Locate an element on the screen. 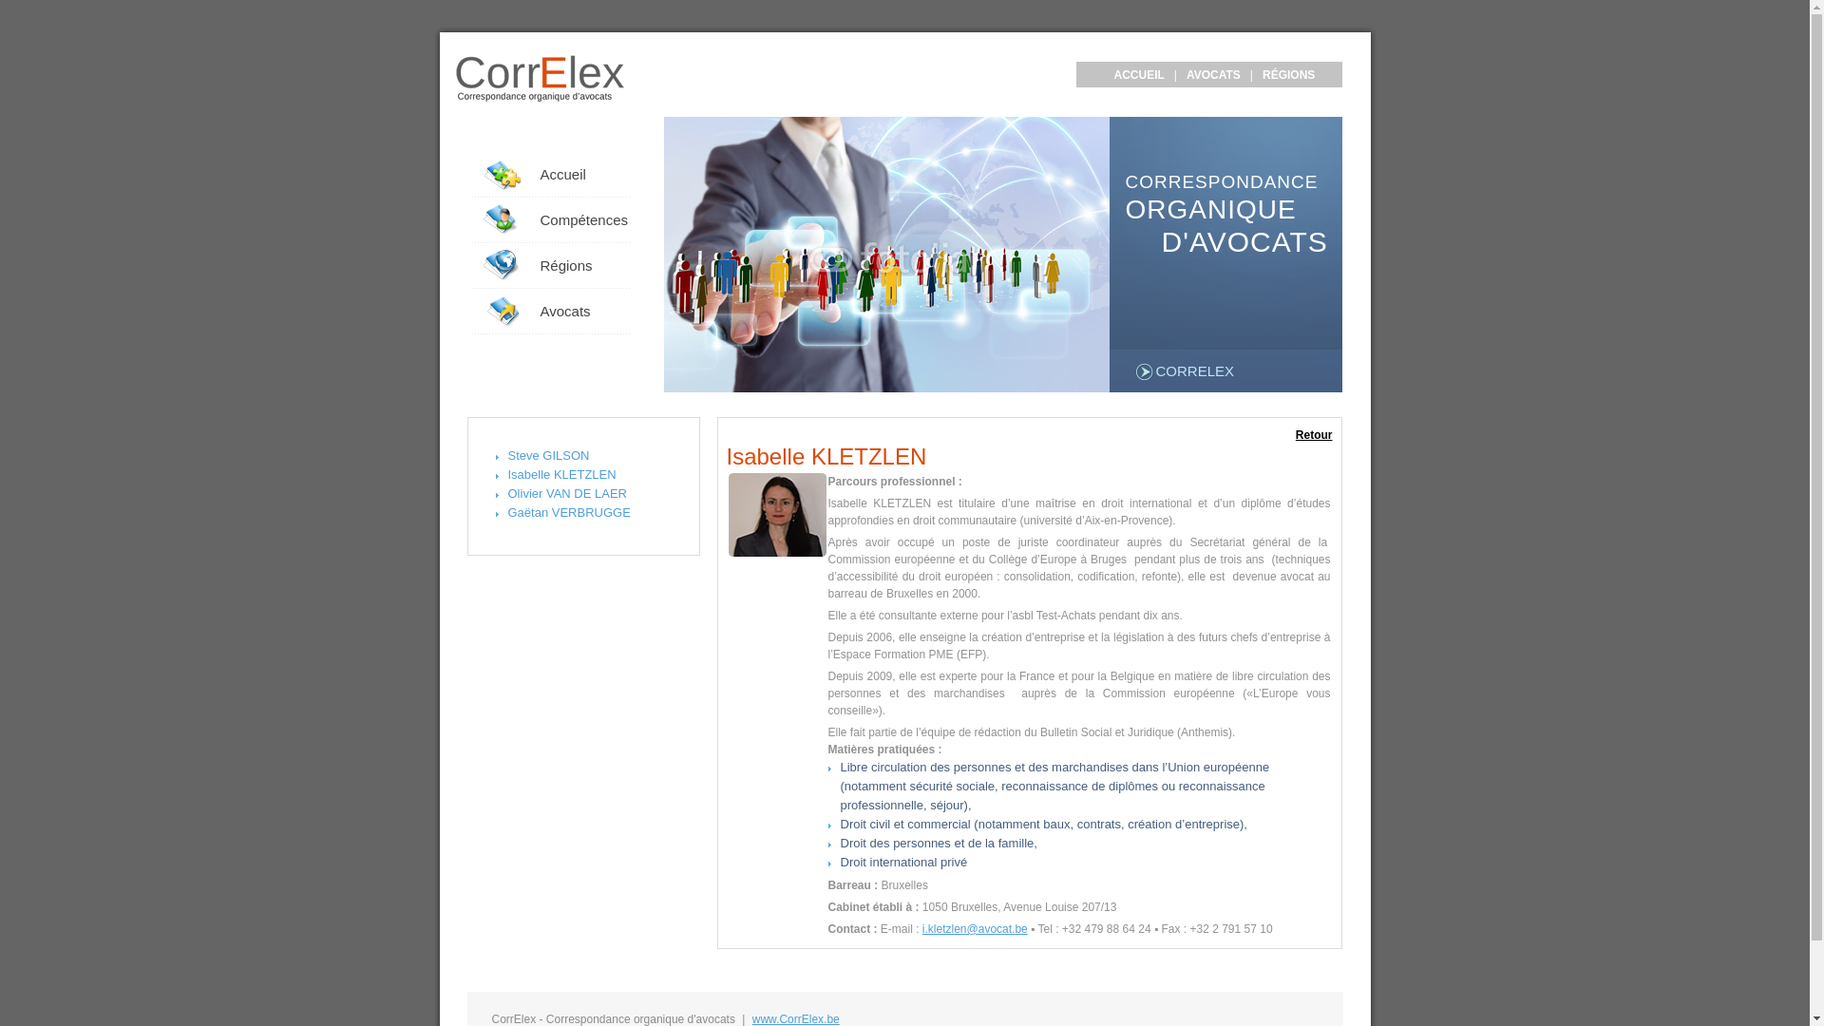  'ACCUEIL' is located at coordinates (1138, 73).